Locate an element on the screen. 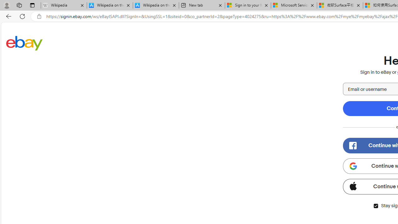  'Stay signed in' is located at coordinates (375, 206).